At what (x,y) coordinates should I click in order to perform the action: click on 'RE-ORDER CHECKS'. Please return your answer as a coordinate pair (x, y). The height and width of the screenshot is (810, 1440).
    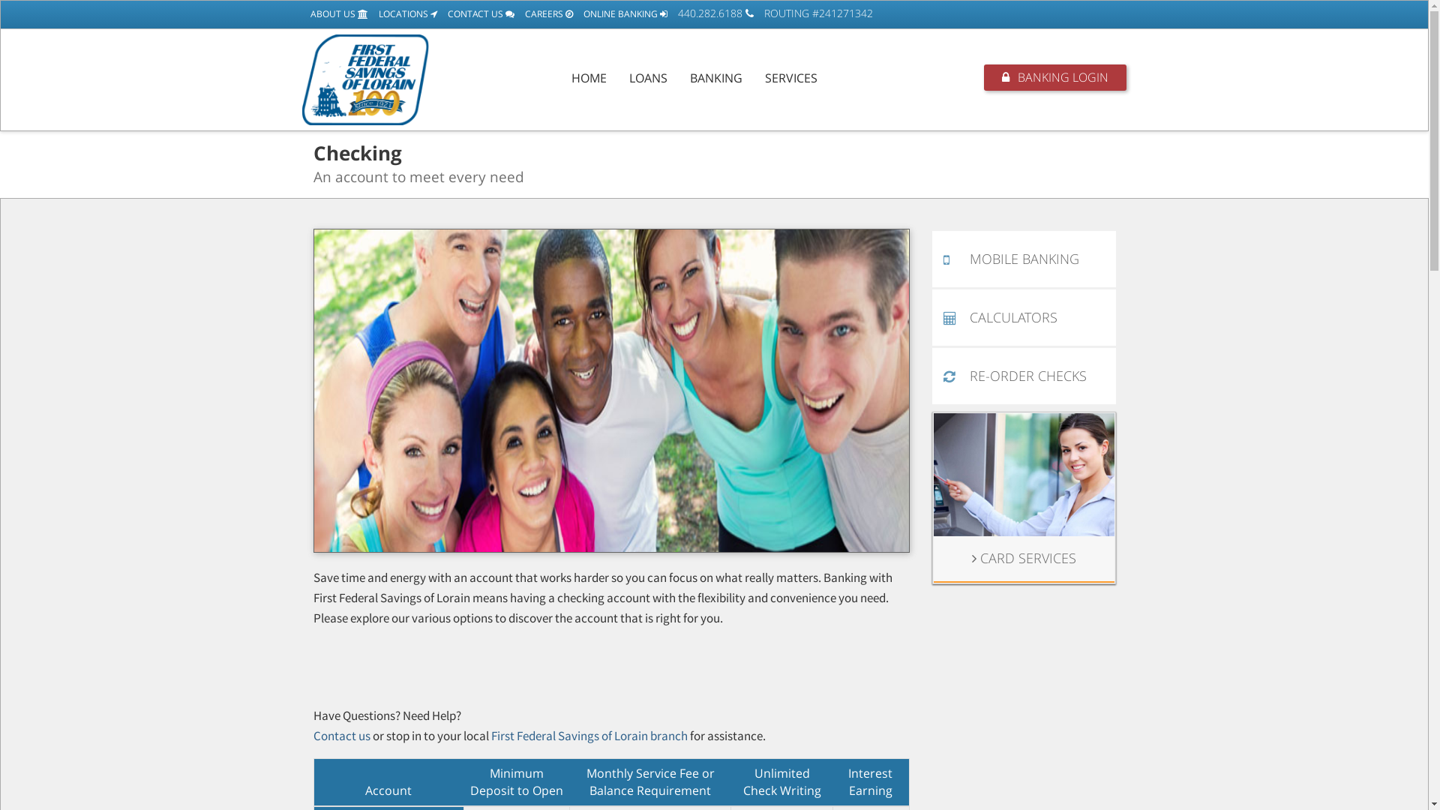
    Looking at the image, I should click on (1022, 375).